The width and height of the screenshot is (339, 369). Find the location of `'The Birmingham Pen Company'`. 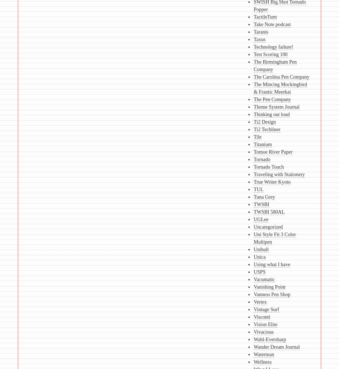

'The Birmingham Pen Company' is located at coordinates (253, 65).